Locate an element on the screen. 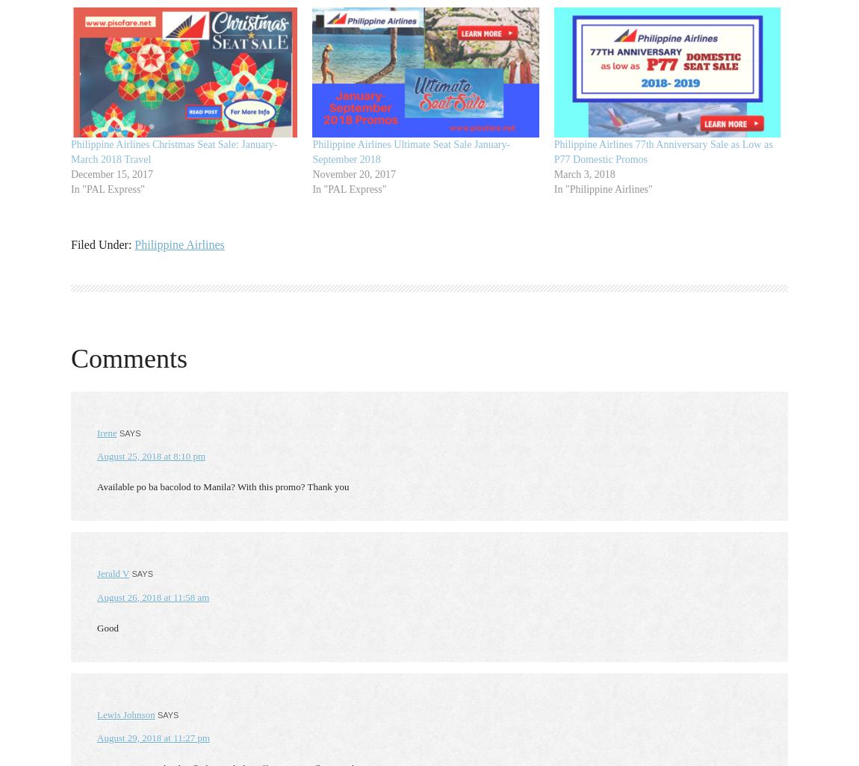 This screenshot has width=859, height=766. 'Lewis Johnson' is located at coordinates (125, 714).